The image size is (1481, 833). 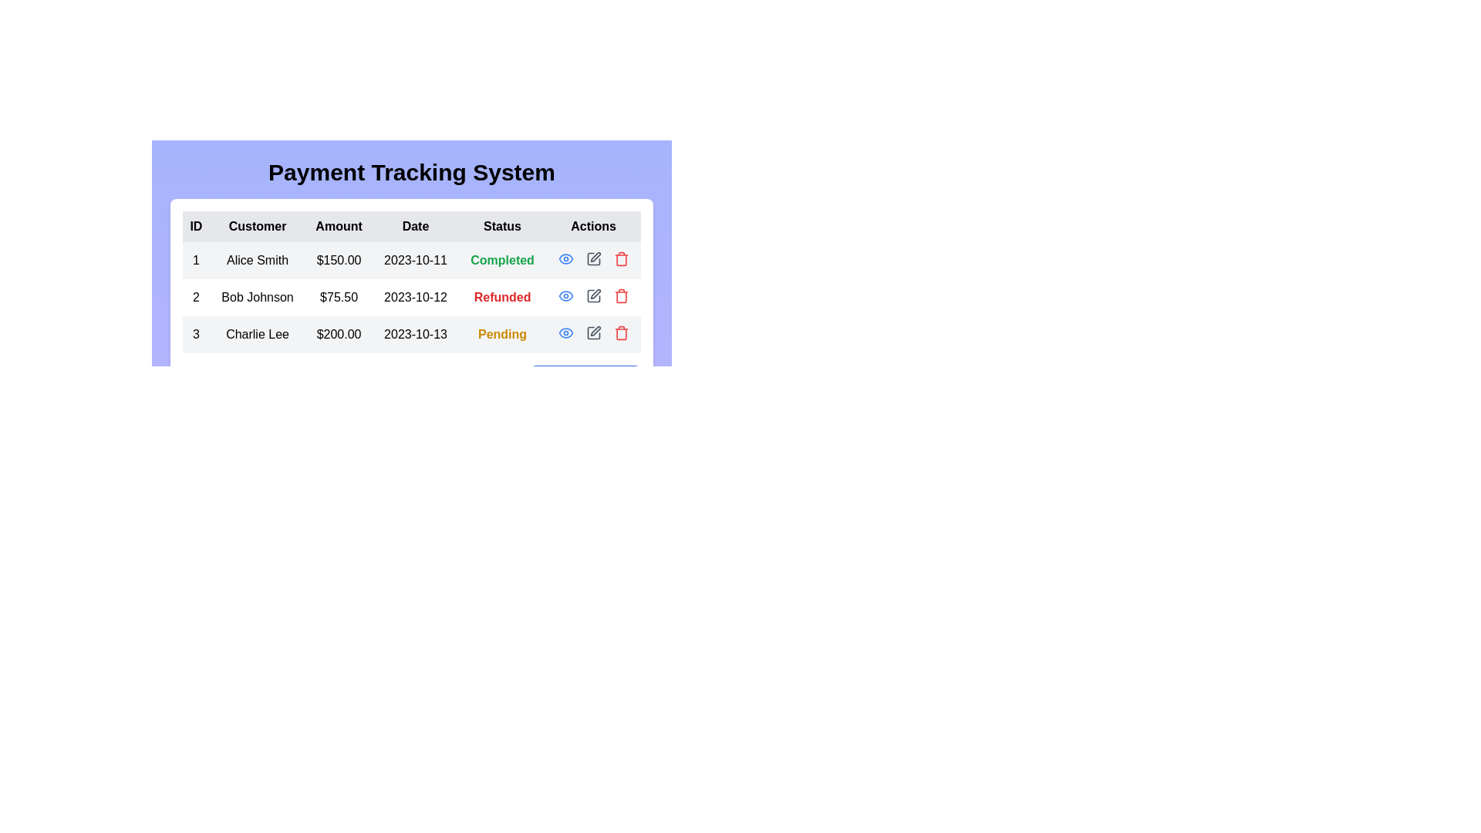 What do you see at coordinates (415, 297) in the screenshot?
I see `the text displaying the date '2023-10-12' in the fourth column of the second row of the table under the 'Date' column for 'Bob Johnson'` at bounding box center [415, 297].